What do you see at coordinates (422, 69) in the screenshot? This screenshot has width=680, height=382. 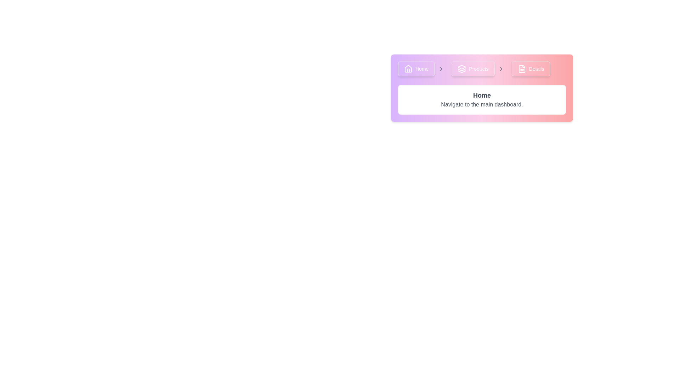 I see `textual label 'Home' located in the navigation bar with a gradient purple-pink background, positioned next to a house-shaped icon` at bounding box center [422, 69].